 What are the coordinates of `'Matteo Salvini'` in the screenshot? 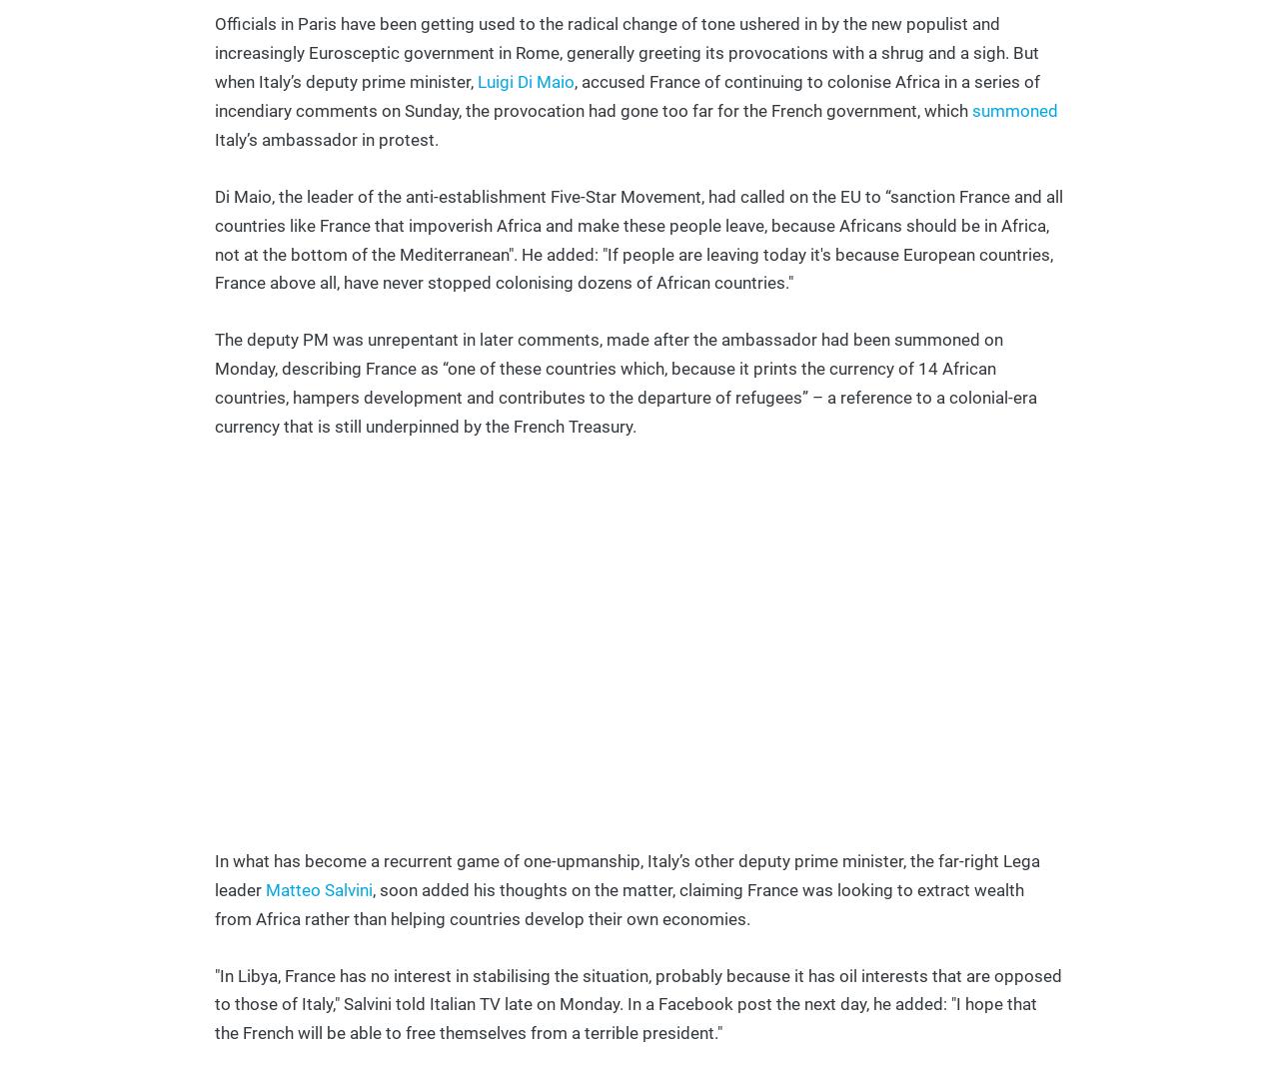 It's located at (264, 888).